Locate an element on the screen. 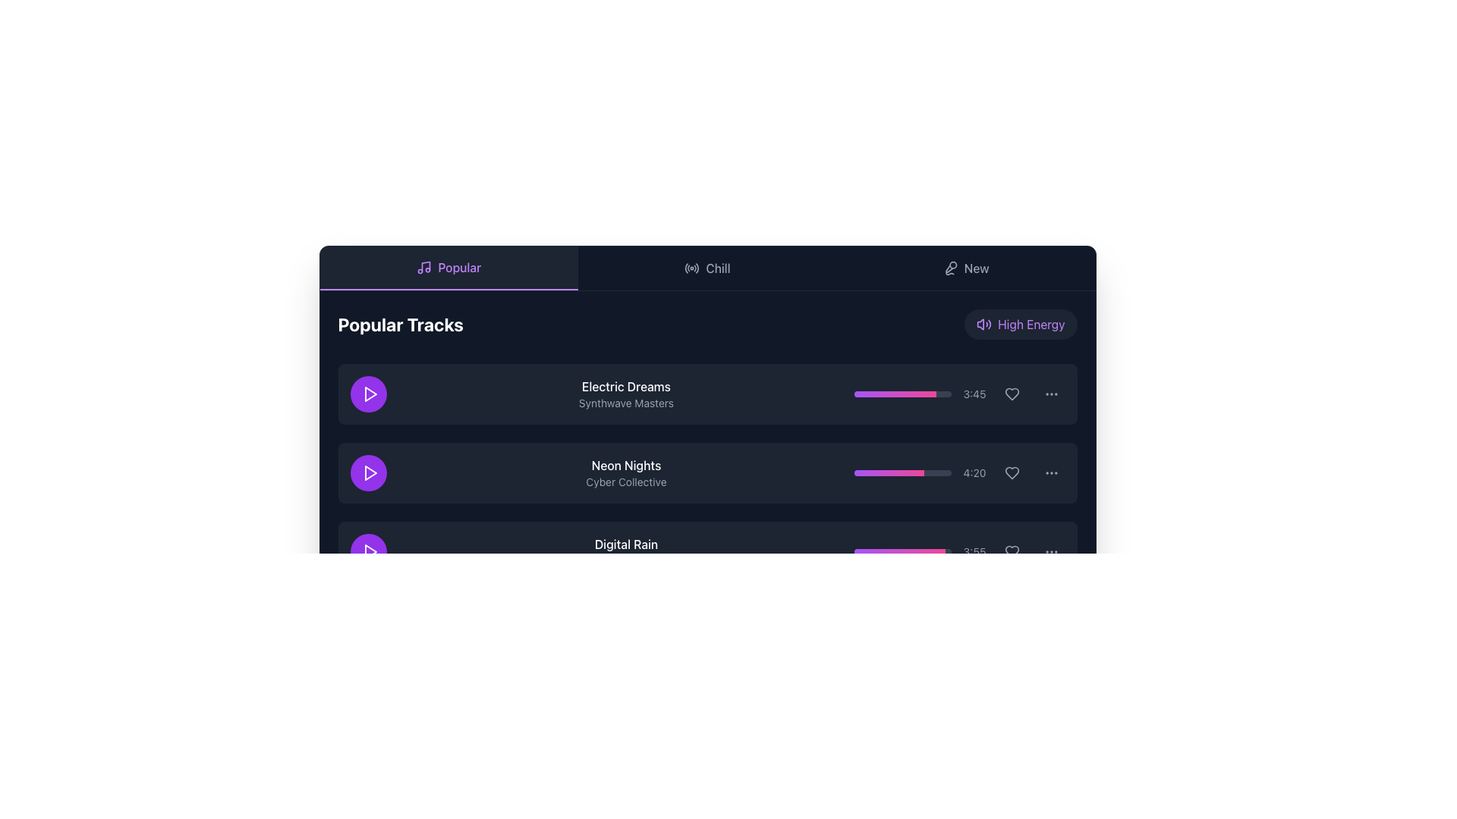 This screenshot has height=819, width=1457. the microphone icon, which is a thin, rounded outline SVG symbol in light gray color, located in the top-right section of the navigation bar next to the text 'New' is located at coordinates (949, 268).